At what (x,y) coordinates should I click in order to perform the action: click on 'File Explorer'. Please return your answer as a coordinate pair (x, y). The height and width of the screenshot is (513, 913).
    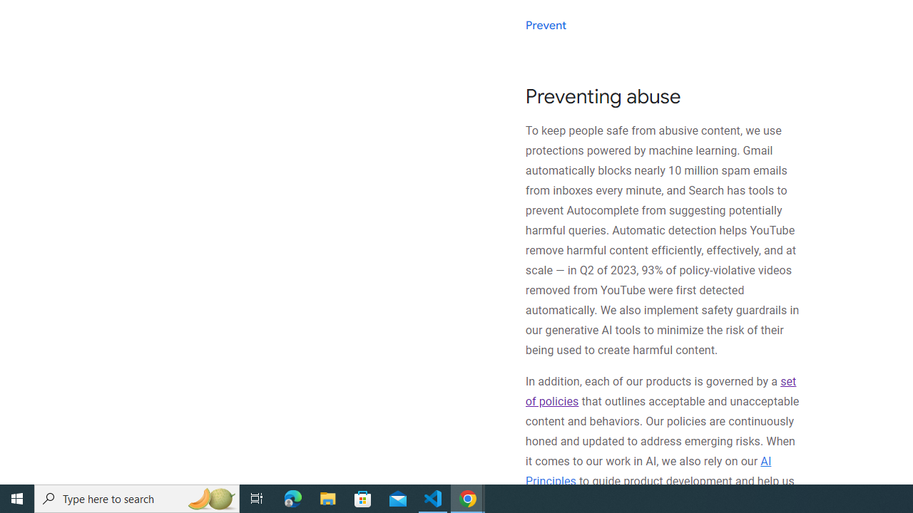
    Looking at the image, I should click on (327, 497).